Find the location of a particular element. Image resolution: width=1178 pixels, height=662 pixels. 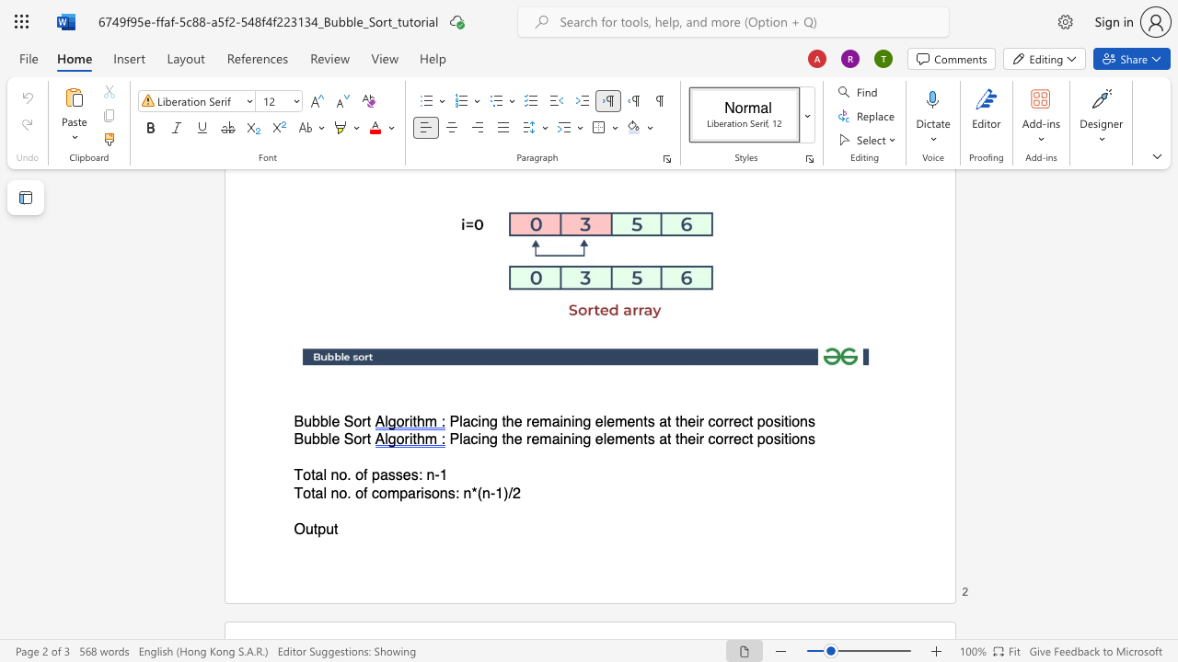

the 1th character "S" in the text is located at coordinates (349, 439).